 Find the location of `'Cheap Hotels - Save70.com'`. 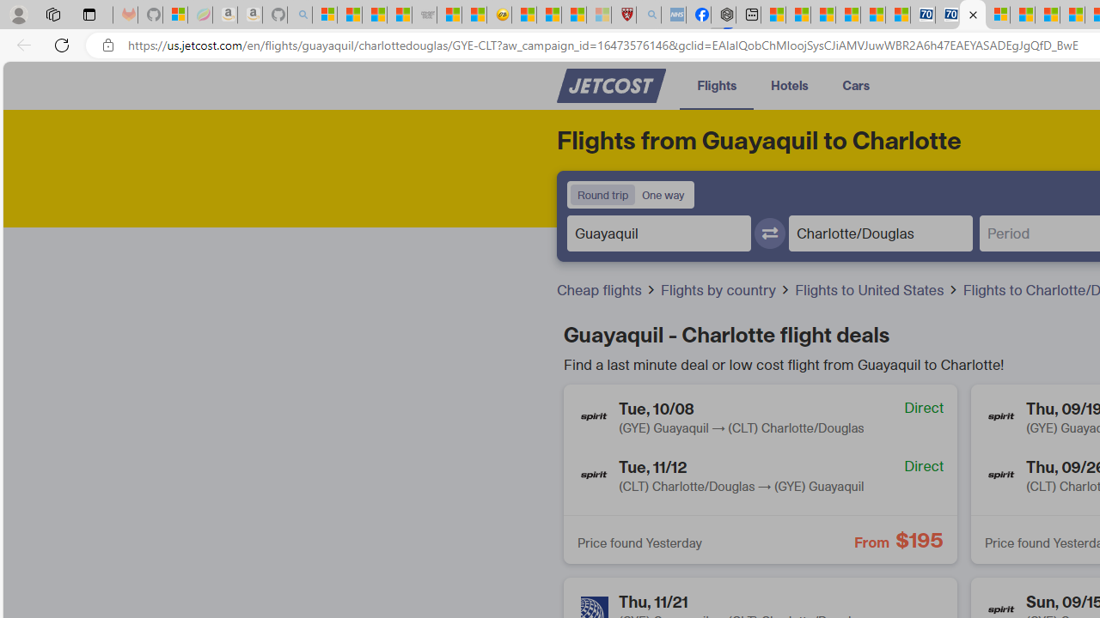

'Cheap Hotels - Save70.com' is located at coordinates (947, 15).